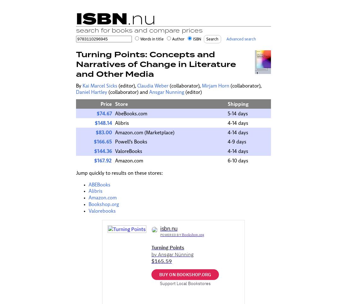  I want to click on '$166.65', so click(103, 142).